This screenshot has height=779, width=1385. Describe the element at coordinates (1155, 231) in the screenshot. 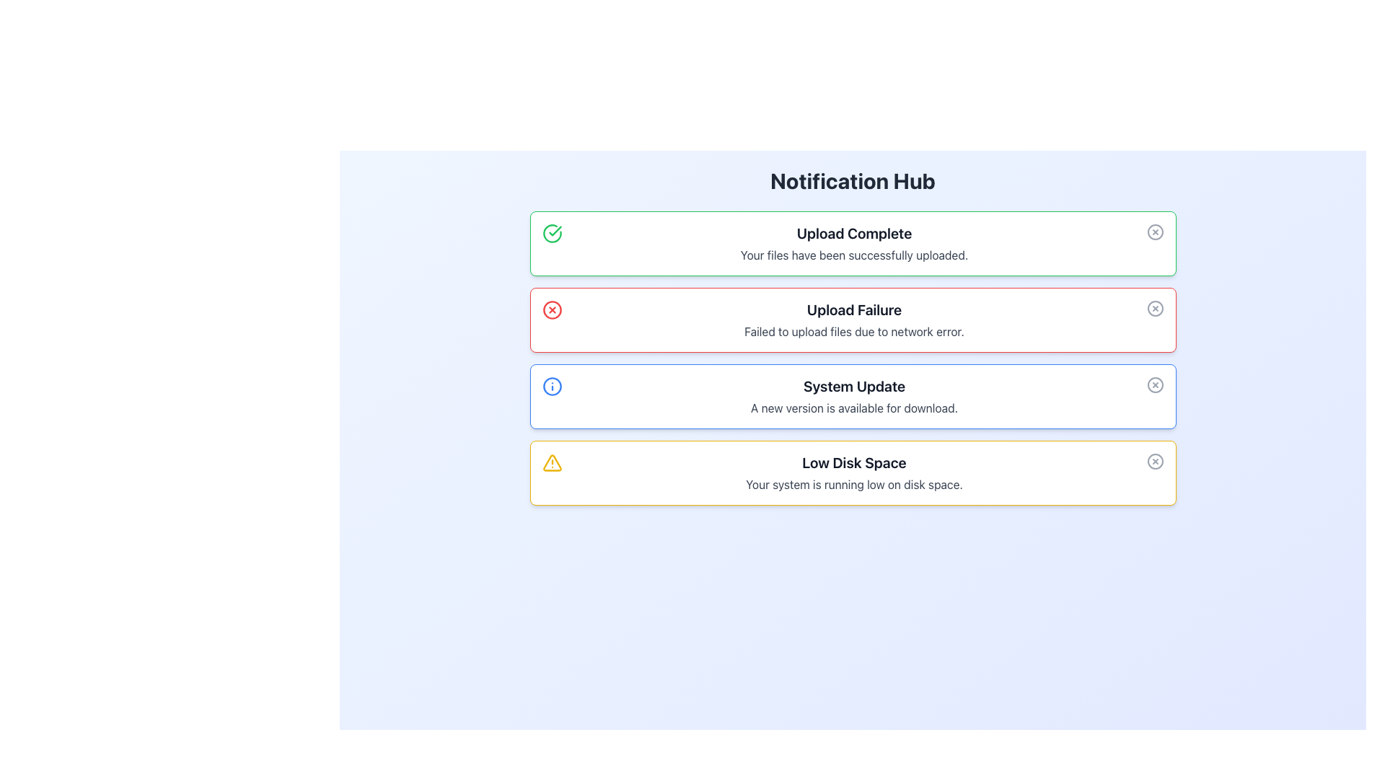

I see `the close button located at the top-right corner of the 'Upload Complete' notification card` at that location.